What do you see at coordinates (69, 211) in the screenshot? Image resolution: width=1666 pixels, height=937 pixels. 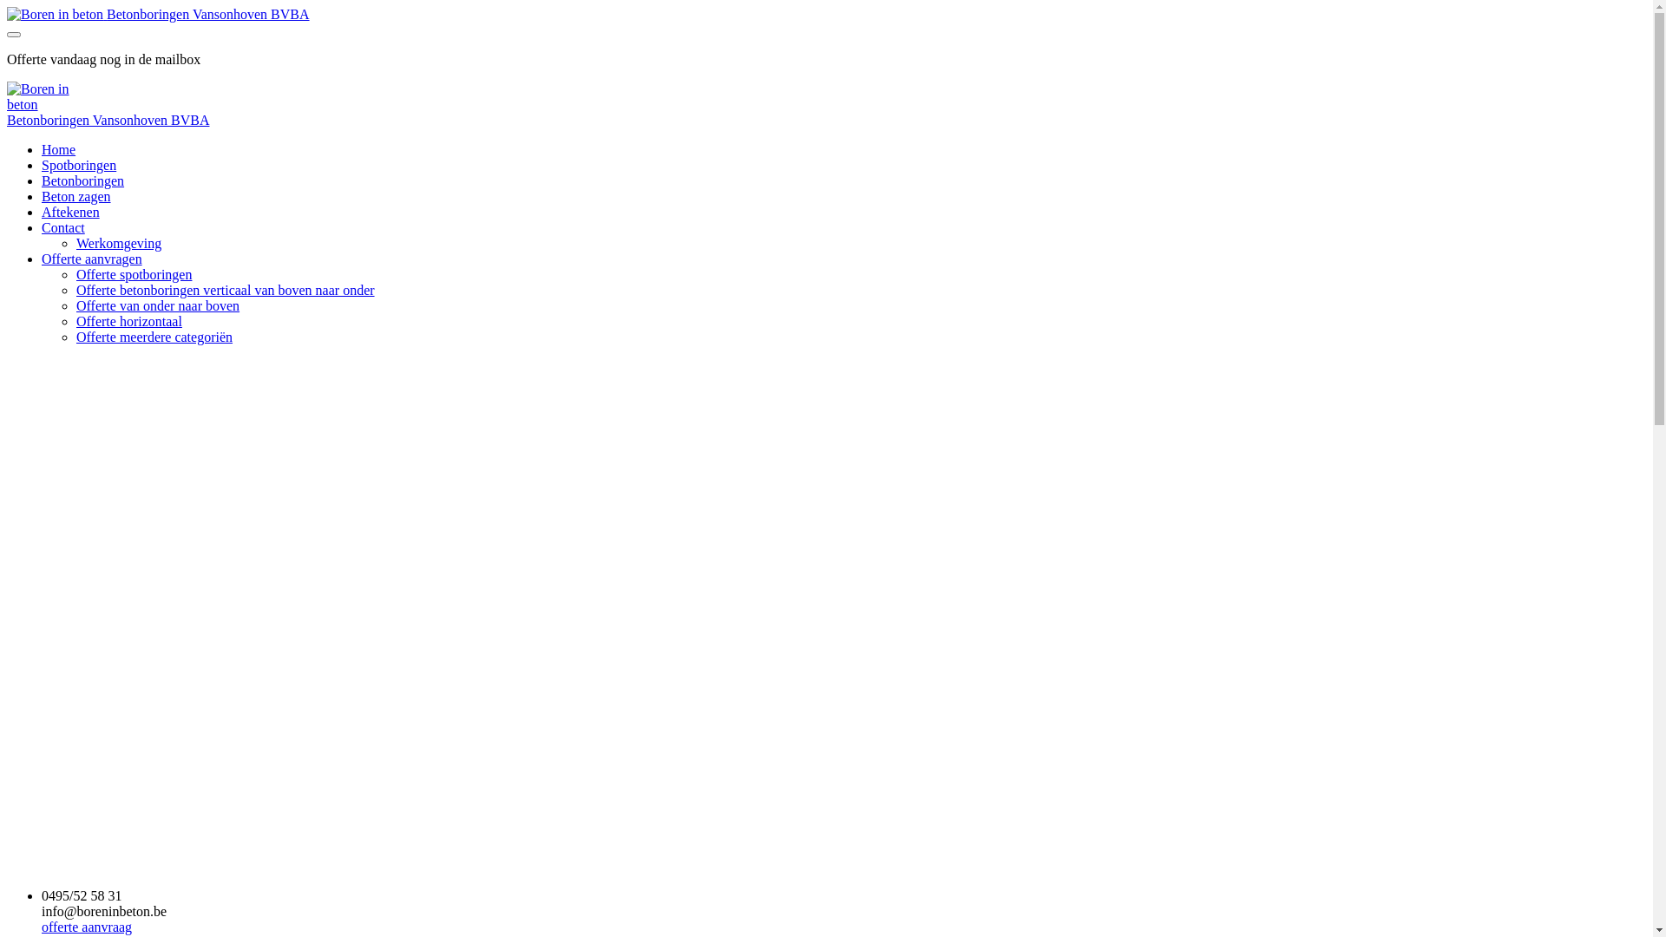 I see `'Aftekenen'` at bounding box center [69, 211].